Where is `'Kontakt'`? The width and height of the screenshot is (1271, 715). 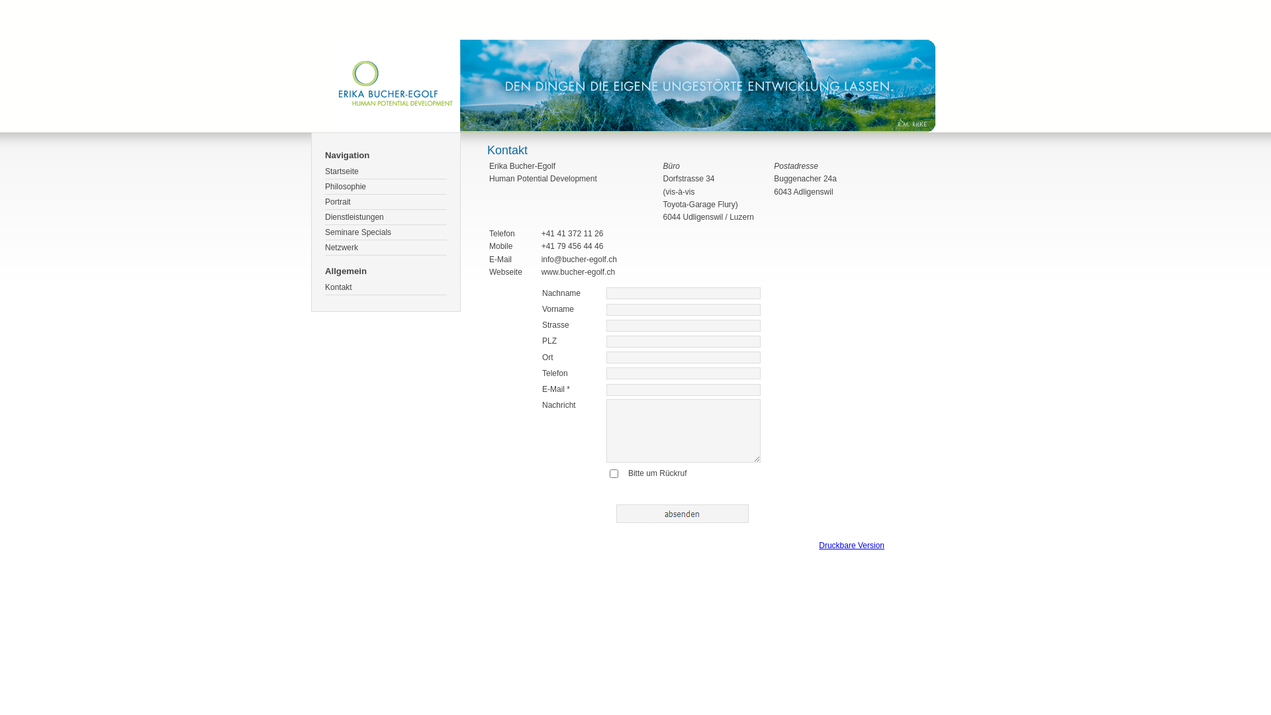 'Kontakt' is located at coordinates (324, 287).